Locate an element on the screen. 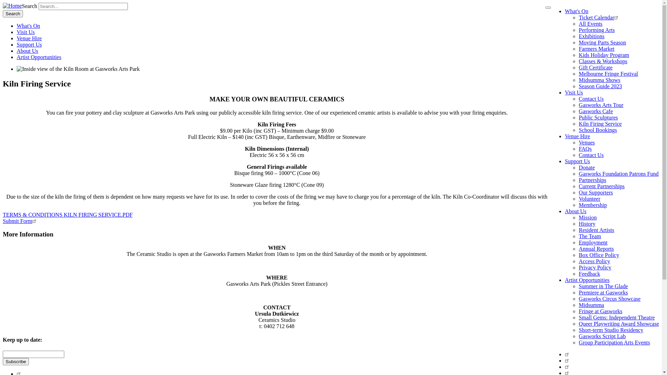  'Menu' is located at coordinates (545, 8).